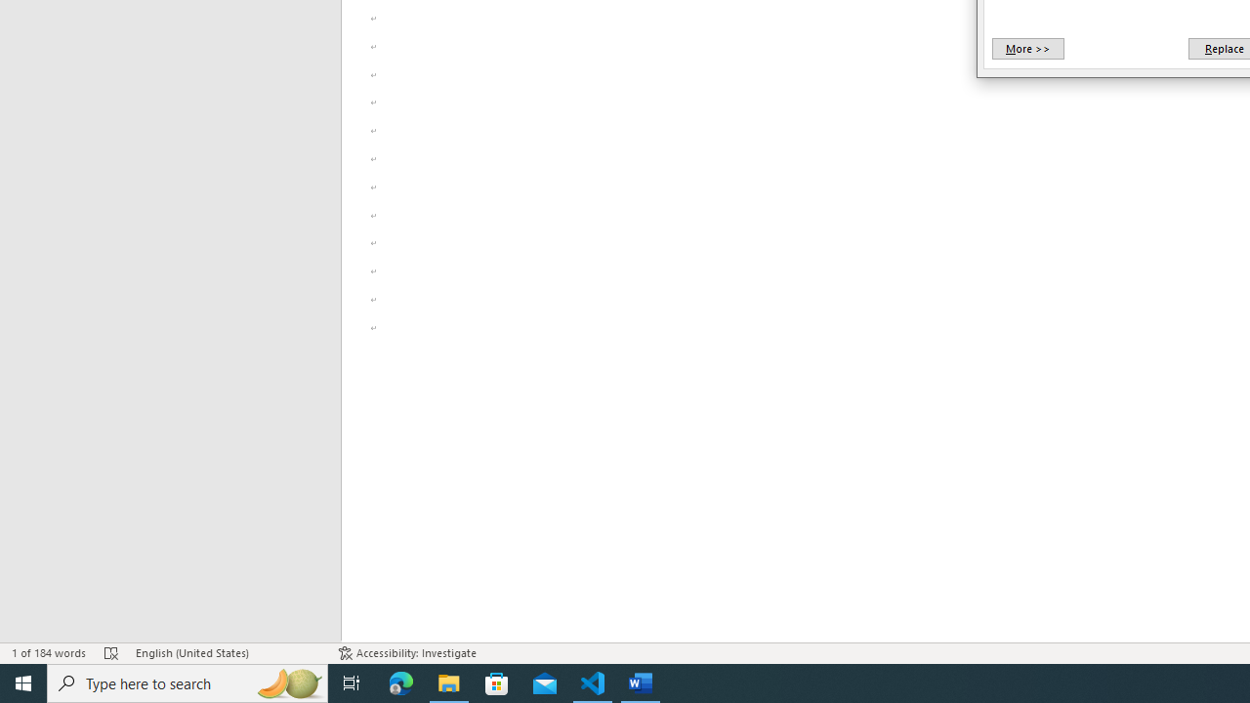  I want to click on 'Type here to search', so click(187, 682).